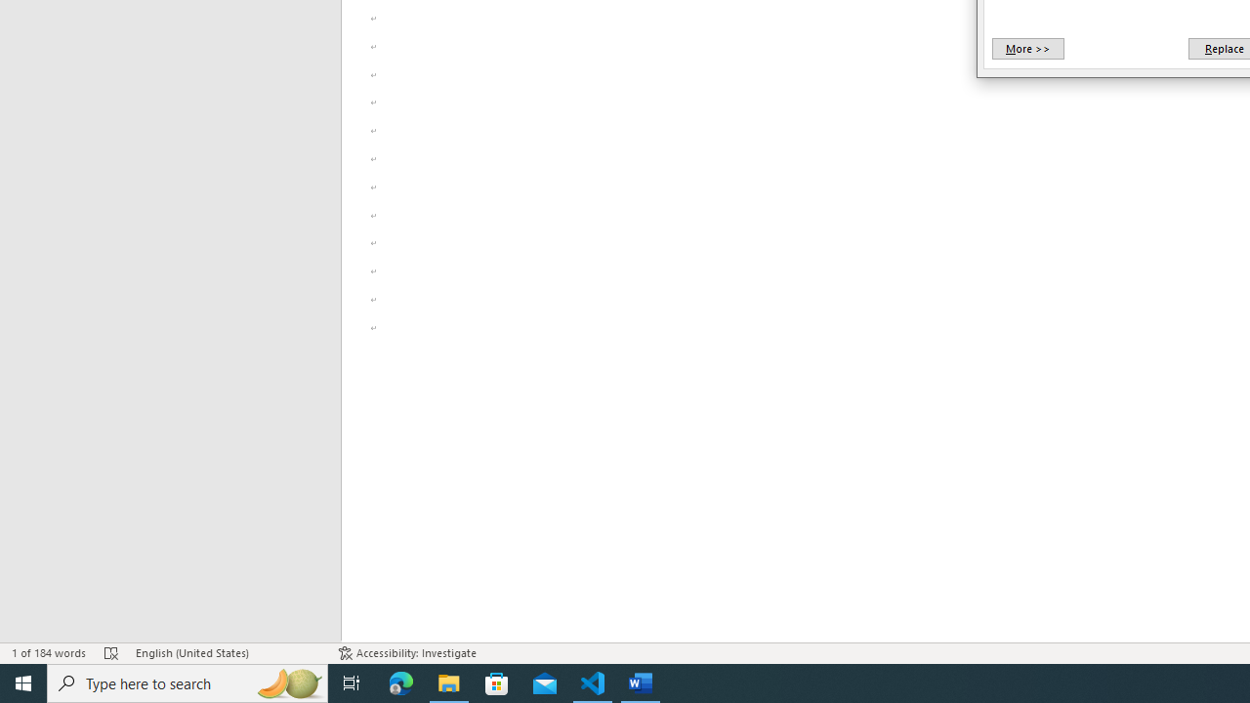  I want to click on 'Type here to search', so click(187, 682).